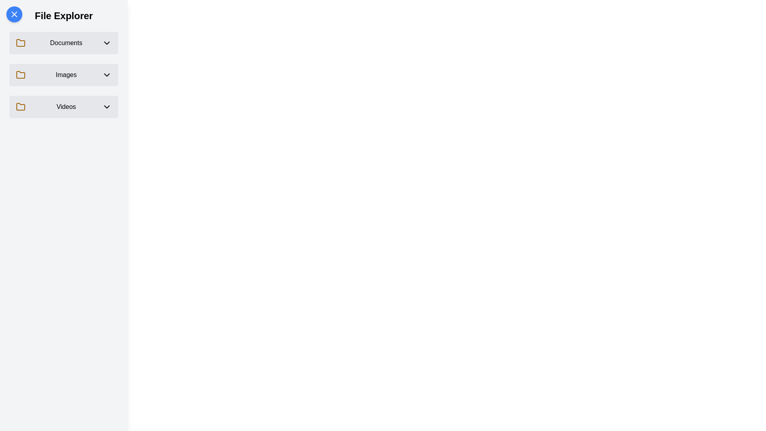 This screenshot has height=431, width=766. I want to click on the Collapsible button labeled 'Images' which is the second item in the left sidebar, featuring a yellow folder icon on the left and a downward-facing chevron icon on the right, so click(63, 75).